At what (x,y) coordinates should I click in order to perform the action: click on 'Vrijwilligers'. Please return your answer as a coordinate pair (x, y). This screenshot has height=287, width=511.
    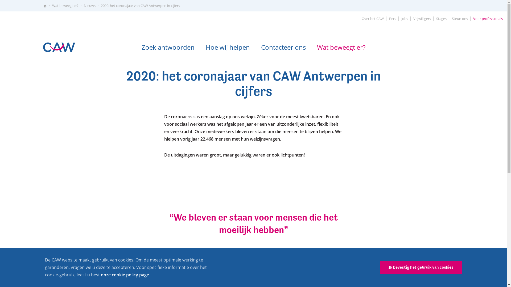
    Looking at the image, I should click on (422, 18).